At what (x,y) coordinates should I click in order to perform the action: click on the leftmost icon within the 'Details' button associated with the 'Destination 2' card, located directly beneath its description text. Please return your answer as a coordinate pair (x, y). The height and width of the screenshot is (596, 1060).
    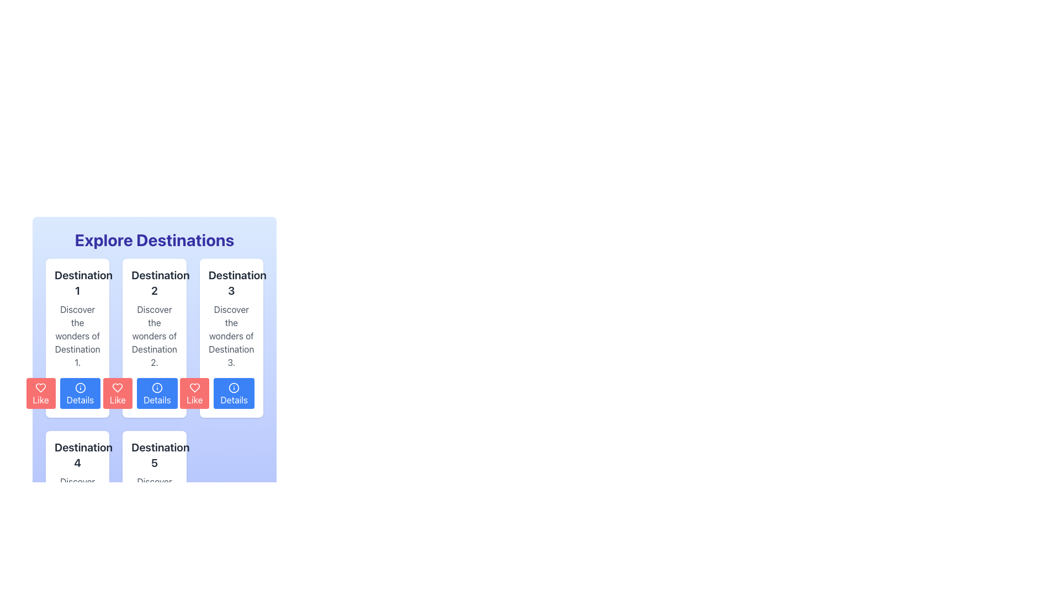
    Looking at the image, I should click on (79, 387).